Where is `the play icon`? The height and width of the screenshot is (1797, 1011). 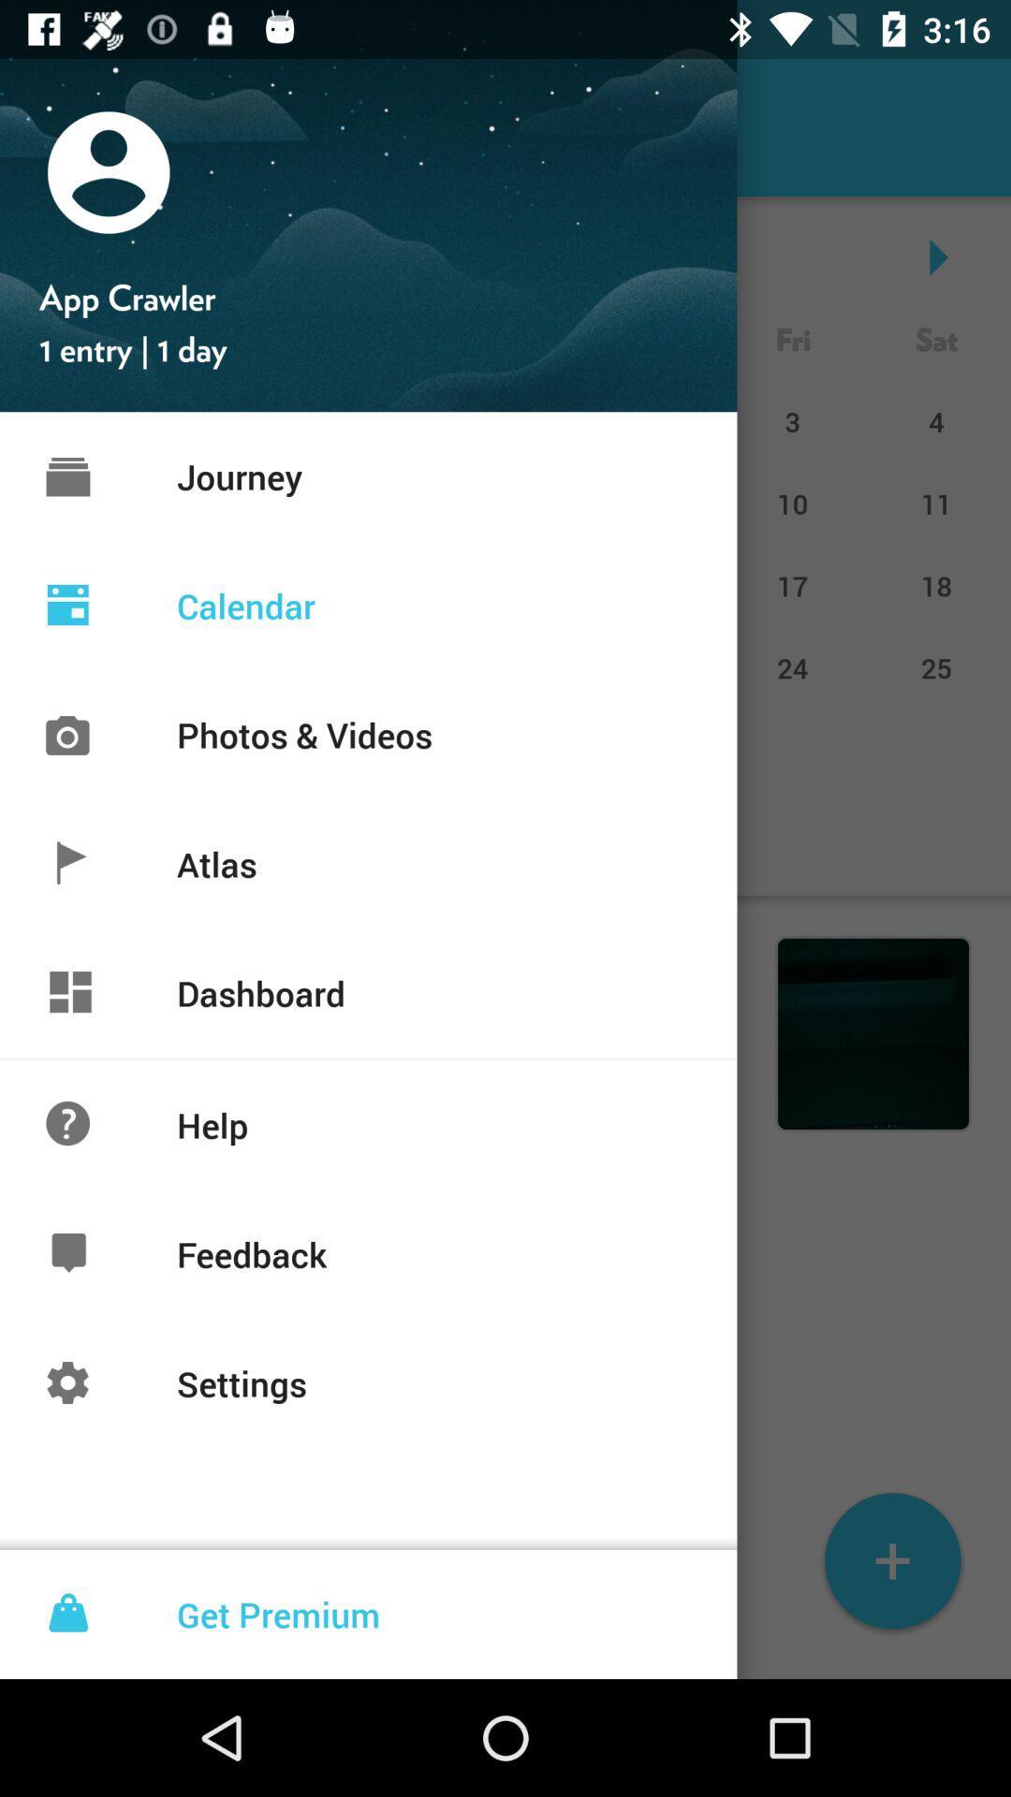 the play icon is located at coordinates (936, 256).